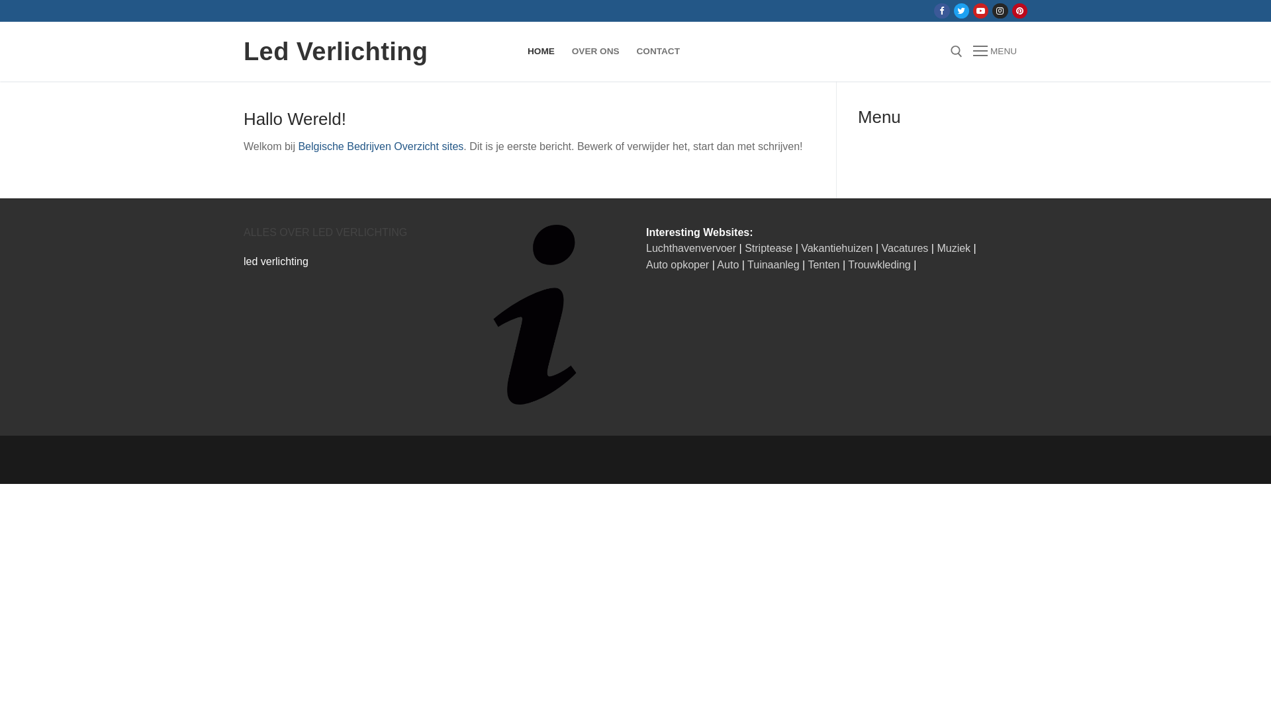 This screenshot has width=1271, height=714. What do you see at coordinates (1019, 11) in the screenshot?
I see `'Pinterest'` at bounding box center [1019, 11].